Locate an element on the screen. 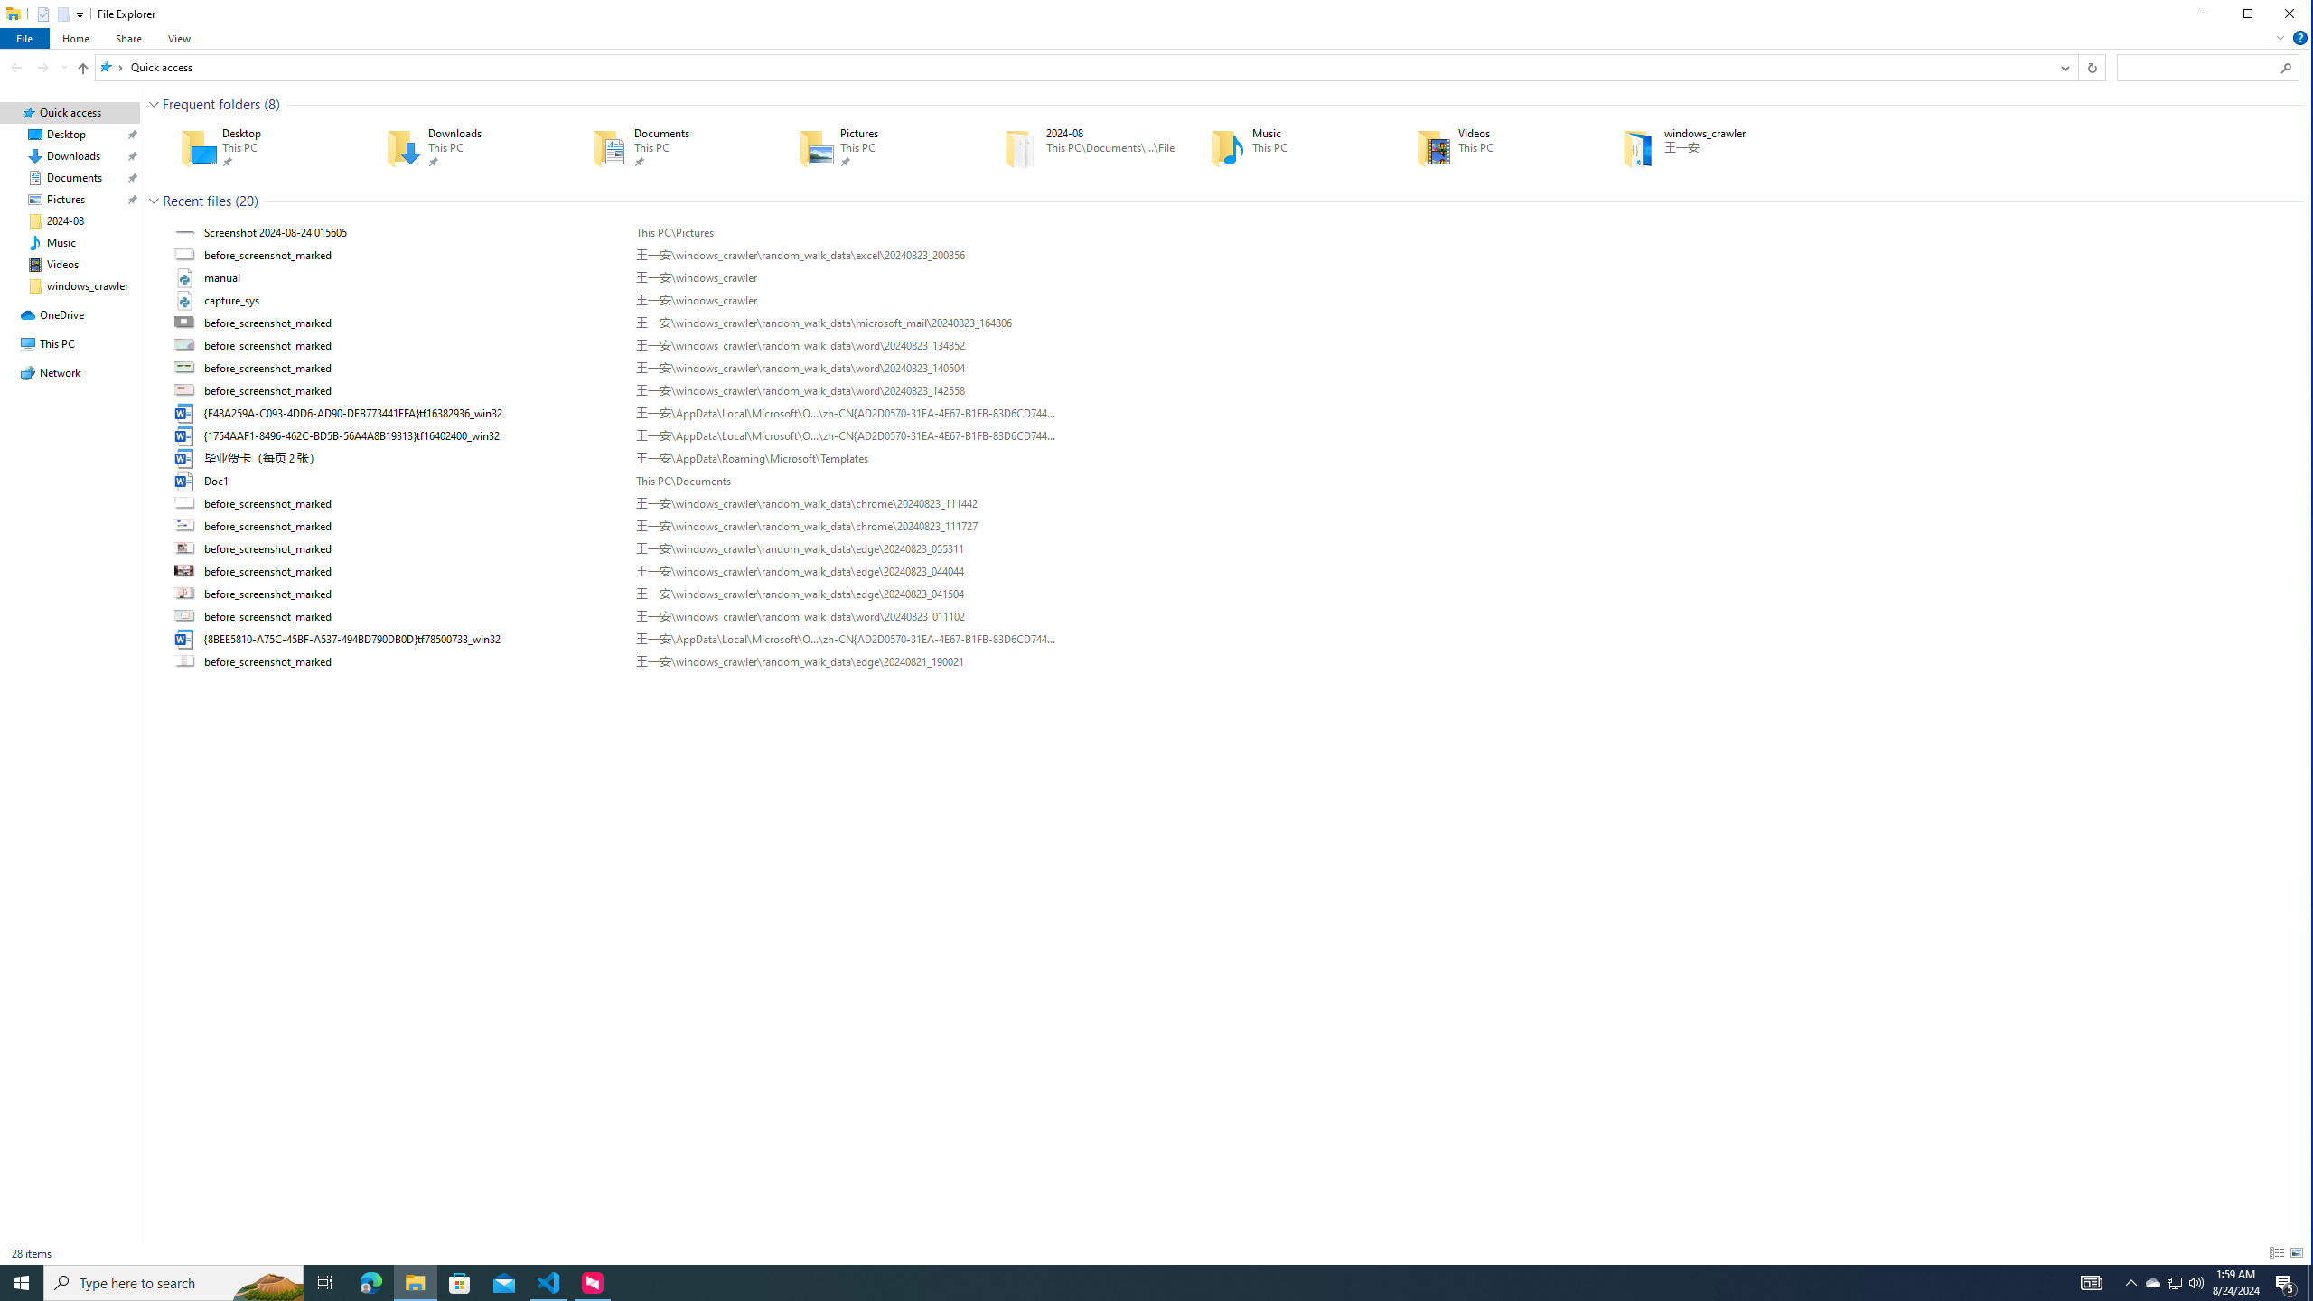 Image resolution: width=2313 pixels, height=1301 pixels. 'Videos' is located at coordinates (1492, 148).